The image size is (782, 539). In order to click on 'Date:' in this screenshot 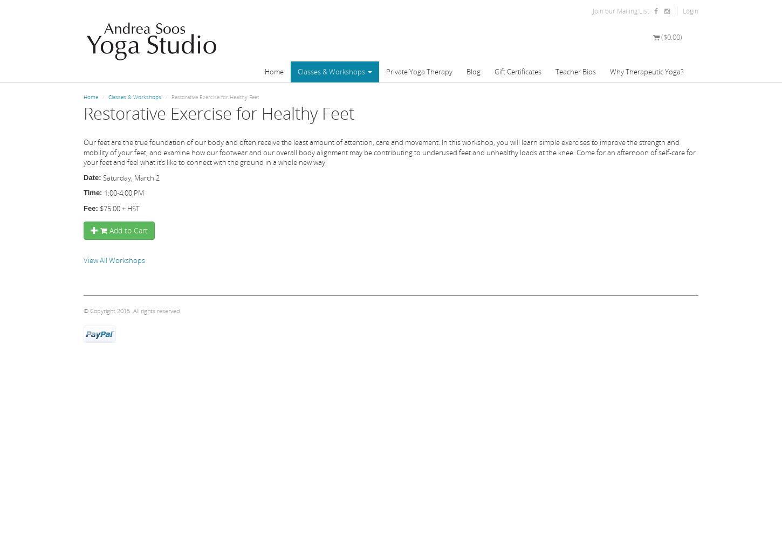, I will do `click(92, 176)`.